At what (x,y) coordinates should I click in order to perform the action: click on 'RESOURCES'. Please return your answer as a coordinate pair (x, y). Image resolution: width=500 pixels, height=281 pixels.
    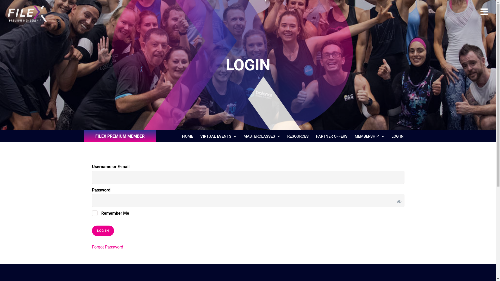
    Looking at the image, I should click on (298, 136).